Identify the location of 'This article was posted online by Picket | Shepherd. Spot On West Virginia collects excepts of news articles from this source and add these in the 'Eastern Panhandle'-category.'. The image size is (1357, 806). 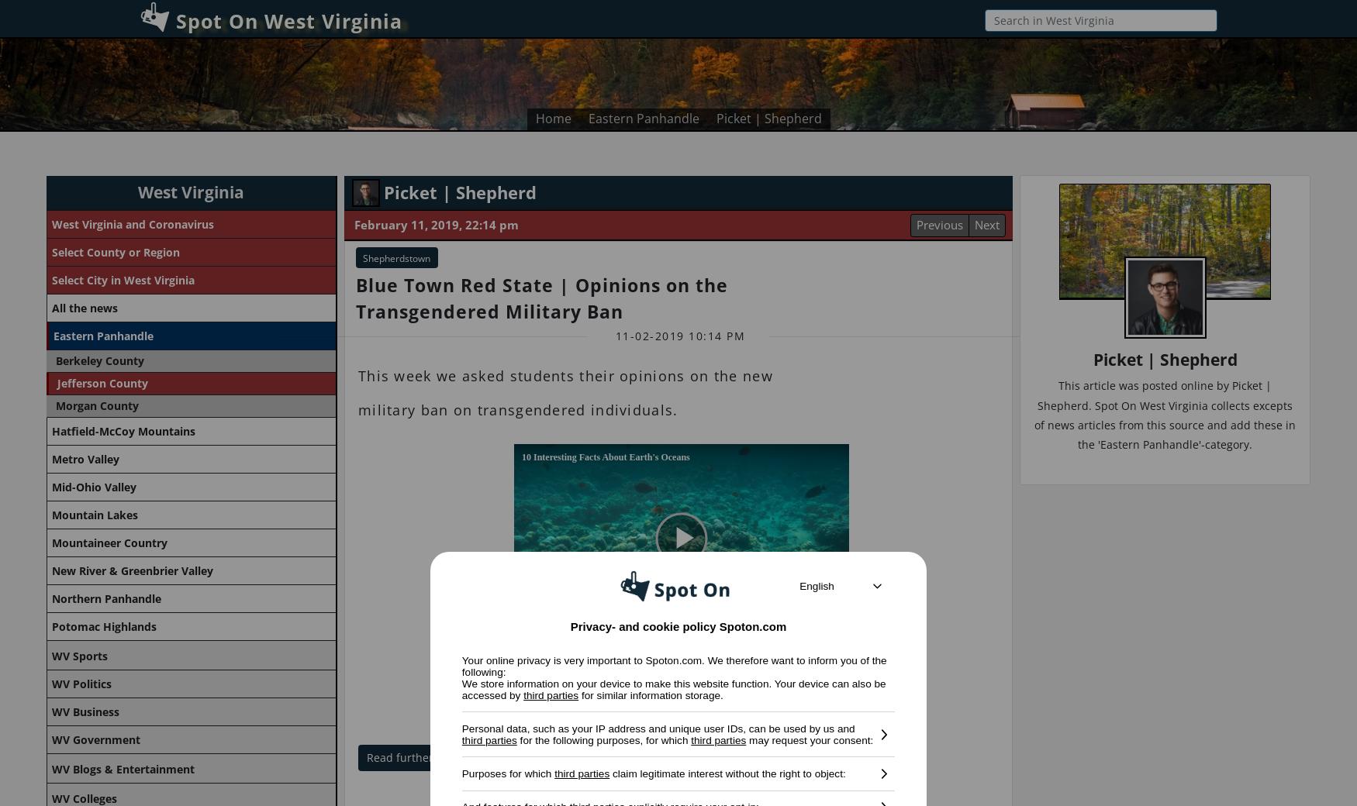
(1164, 413).